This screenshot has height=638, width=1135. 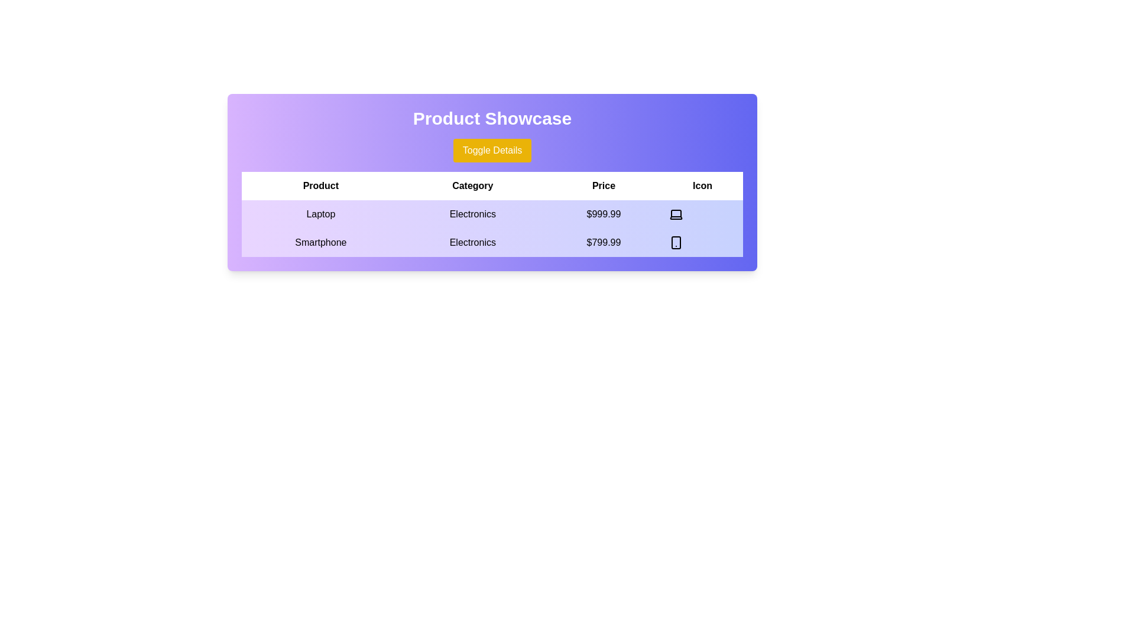 What do you see at coordinates (604, 186) in the screenshot?
I see `the text label that displays 'Price', which is bold and black, located in the grid layout row header between 'Category' and 'Icon'` at bounding box center [604, 186].